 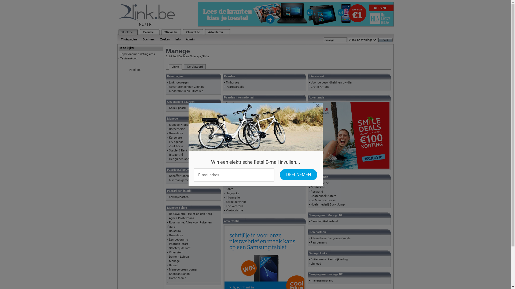 What do you see at coordinates (168, 159) in the screenshot?
I see `'Het gulden spoor'` at bounding box center [168, 159].